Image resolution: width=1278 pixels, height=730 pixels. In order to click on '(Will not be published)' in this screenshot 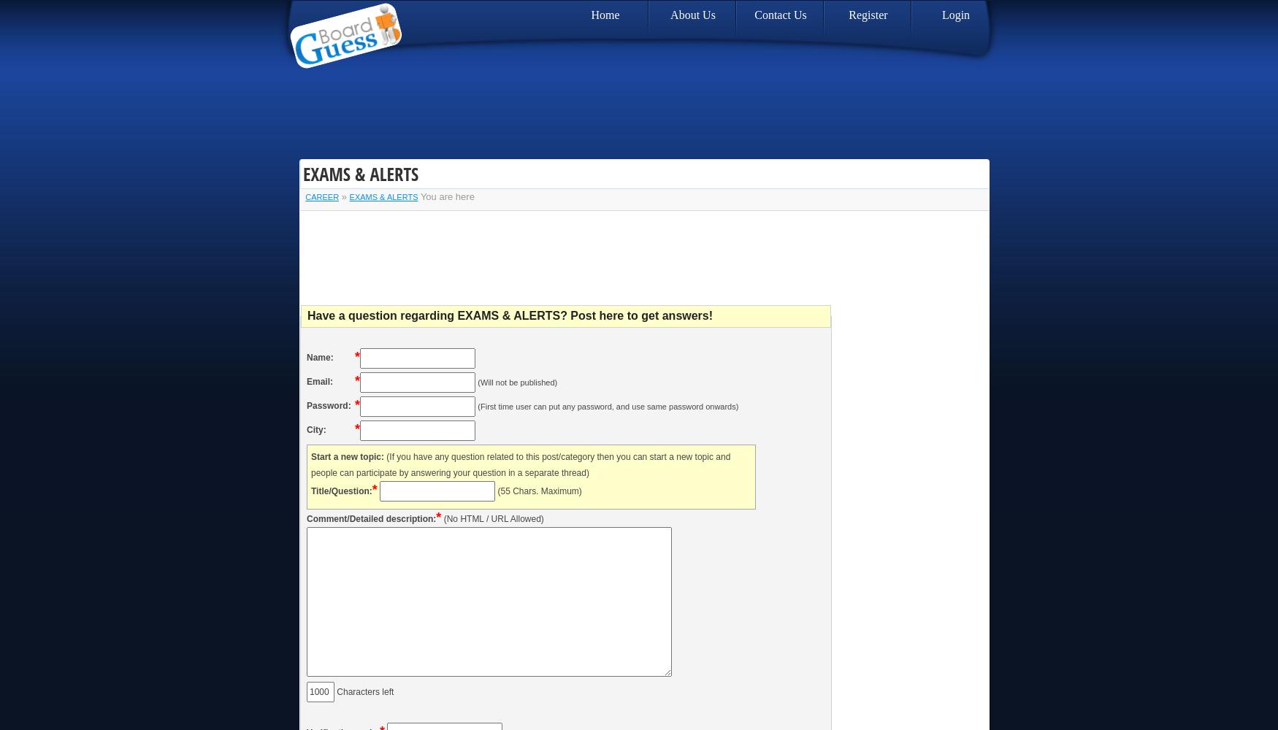, I will do `click(517, 382)`.